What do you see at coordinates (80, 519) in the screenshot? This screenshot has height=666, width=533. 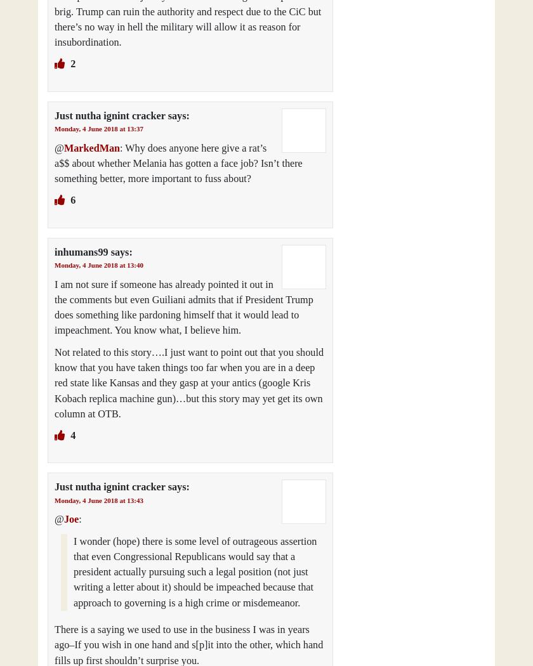 I see `':'` at bounding box center [80, 519].